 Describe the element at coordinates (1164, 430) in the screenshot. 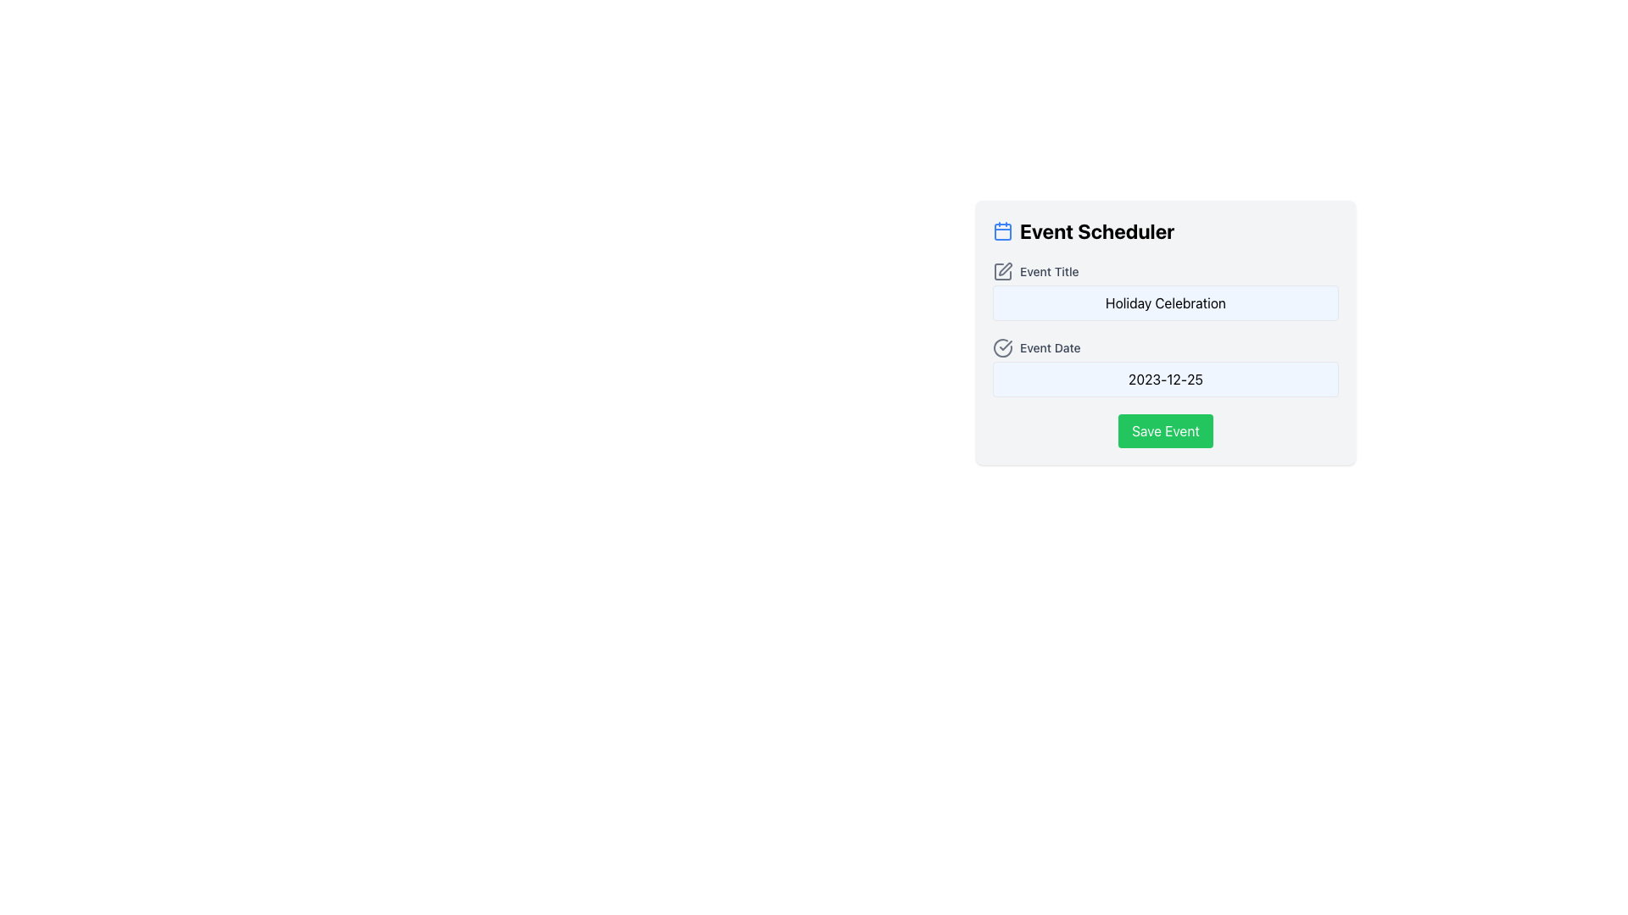

I see `the 'Save Event' button with white text on a green background located at the bottom of the 'Event Scheduler' card` at that location.